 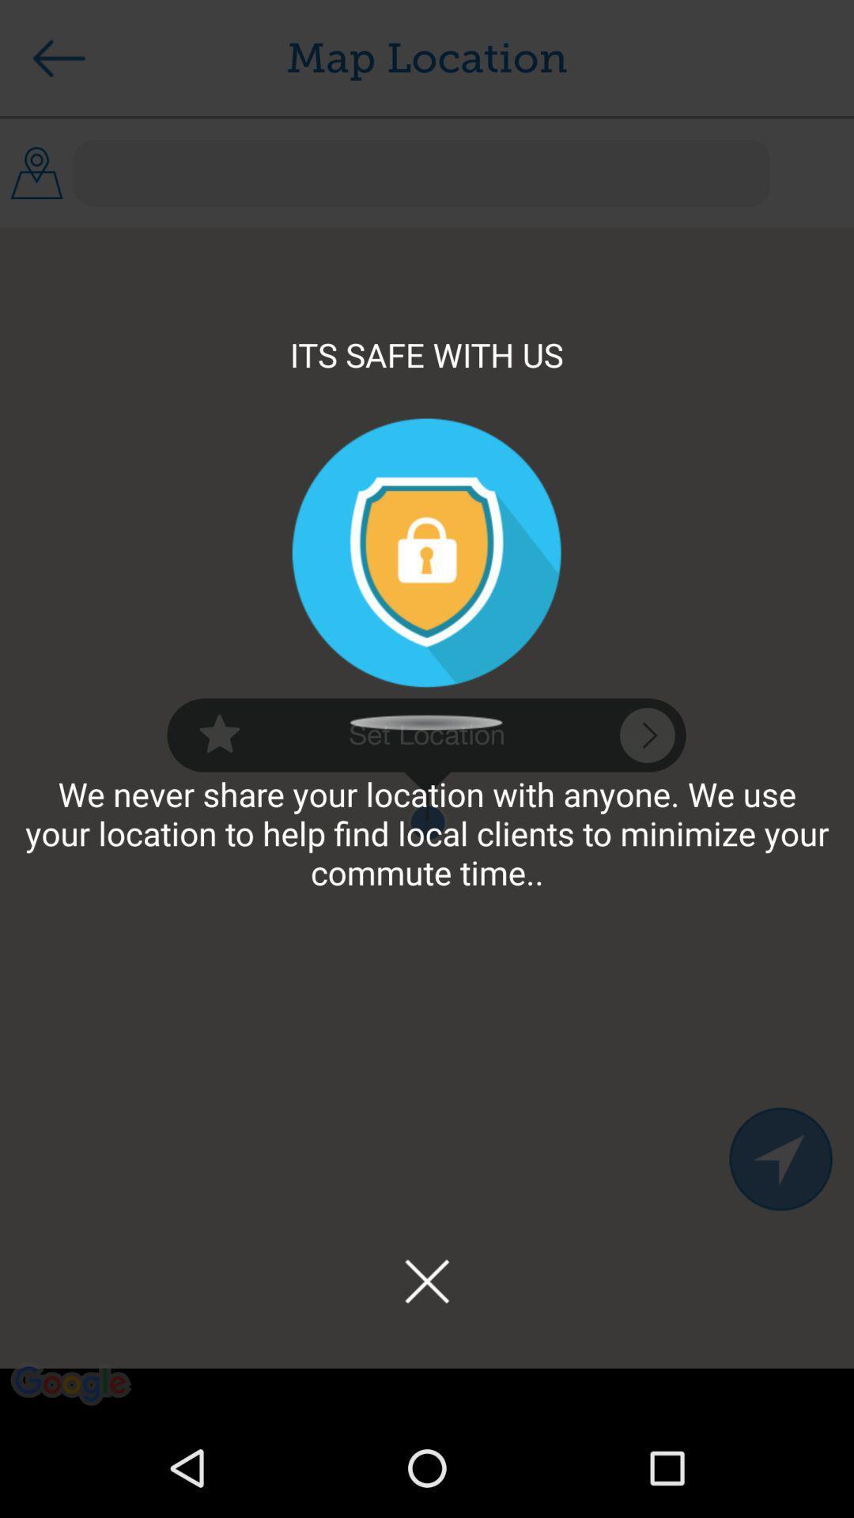 I want to click on the window, so click(x=427, y=1281).